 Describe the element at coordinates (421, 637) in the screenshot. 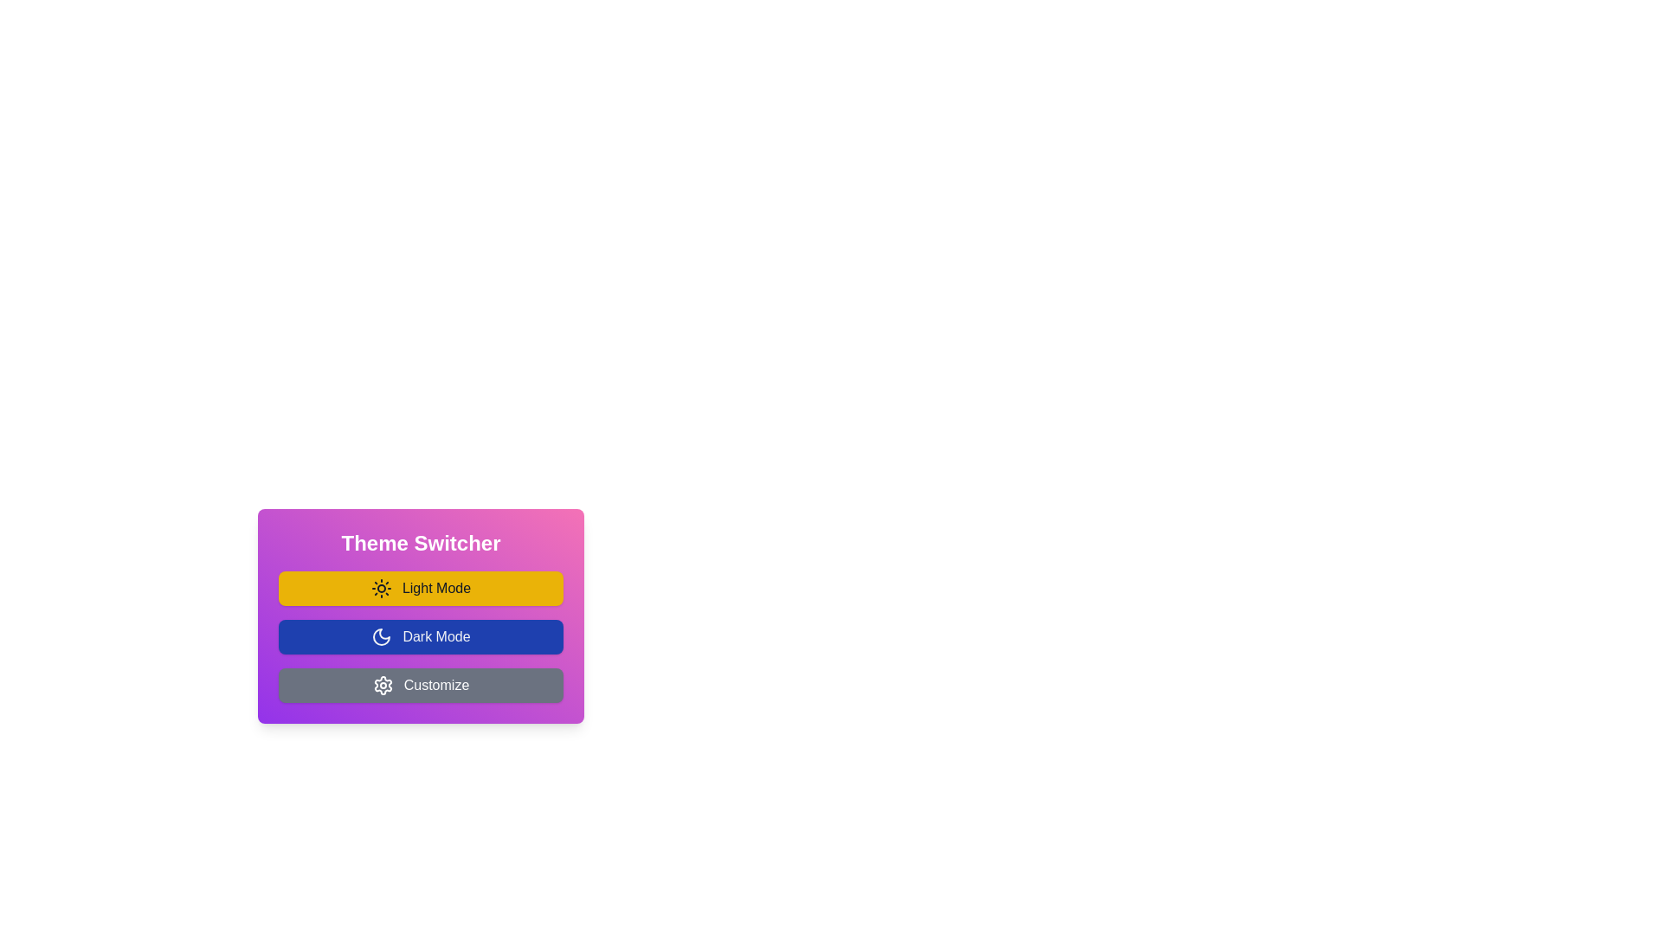

I see `the 'Dark Mode' button` at that location.